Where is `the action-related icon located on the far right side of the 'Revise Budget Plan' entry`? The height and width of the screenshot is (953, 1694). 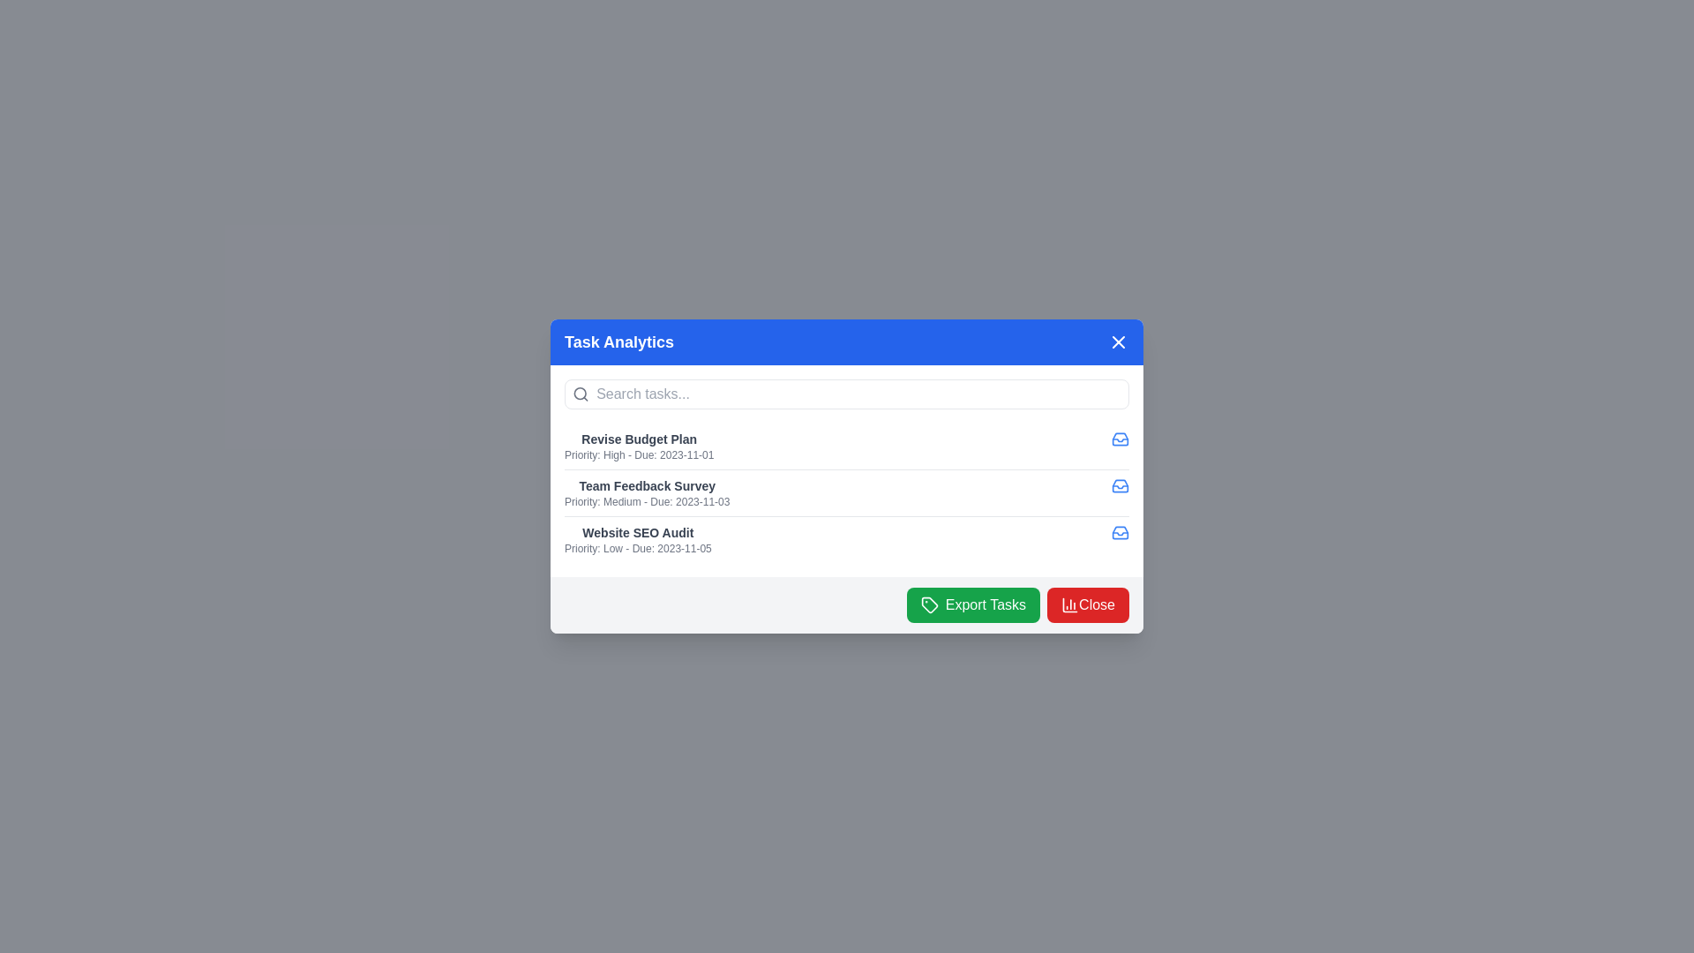 the action-related icon located on the far right side of the 'Revise Budget Plan' entry is located at coordinates (1120, 438).